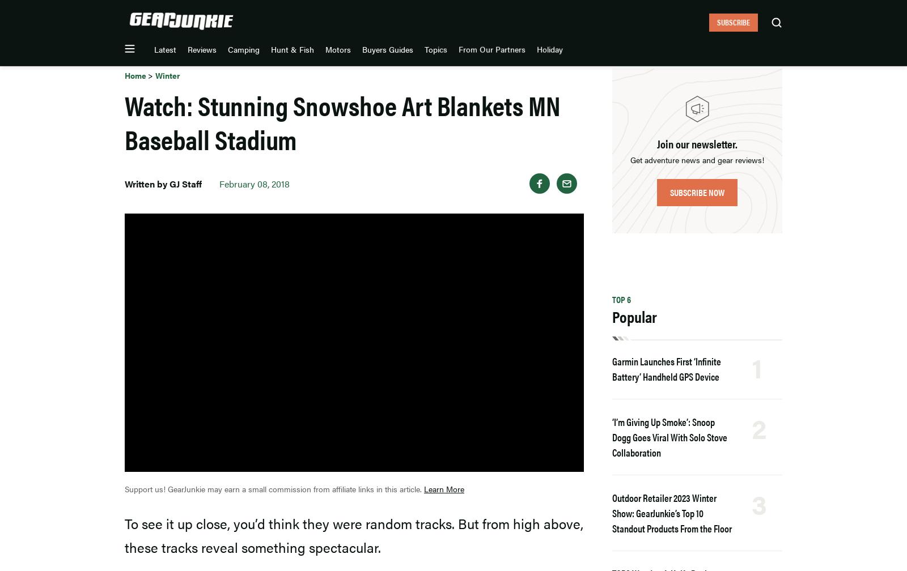  Describe the element at coordinates (429, 18) in the screenshot. I see `'Motors'` at that location.